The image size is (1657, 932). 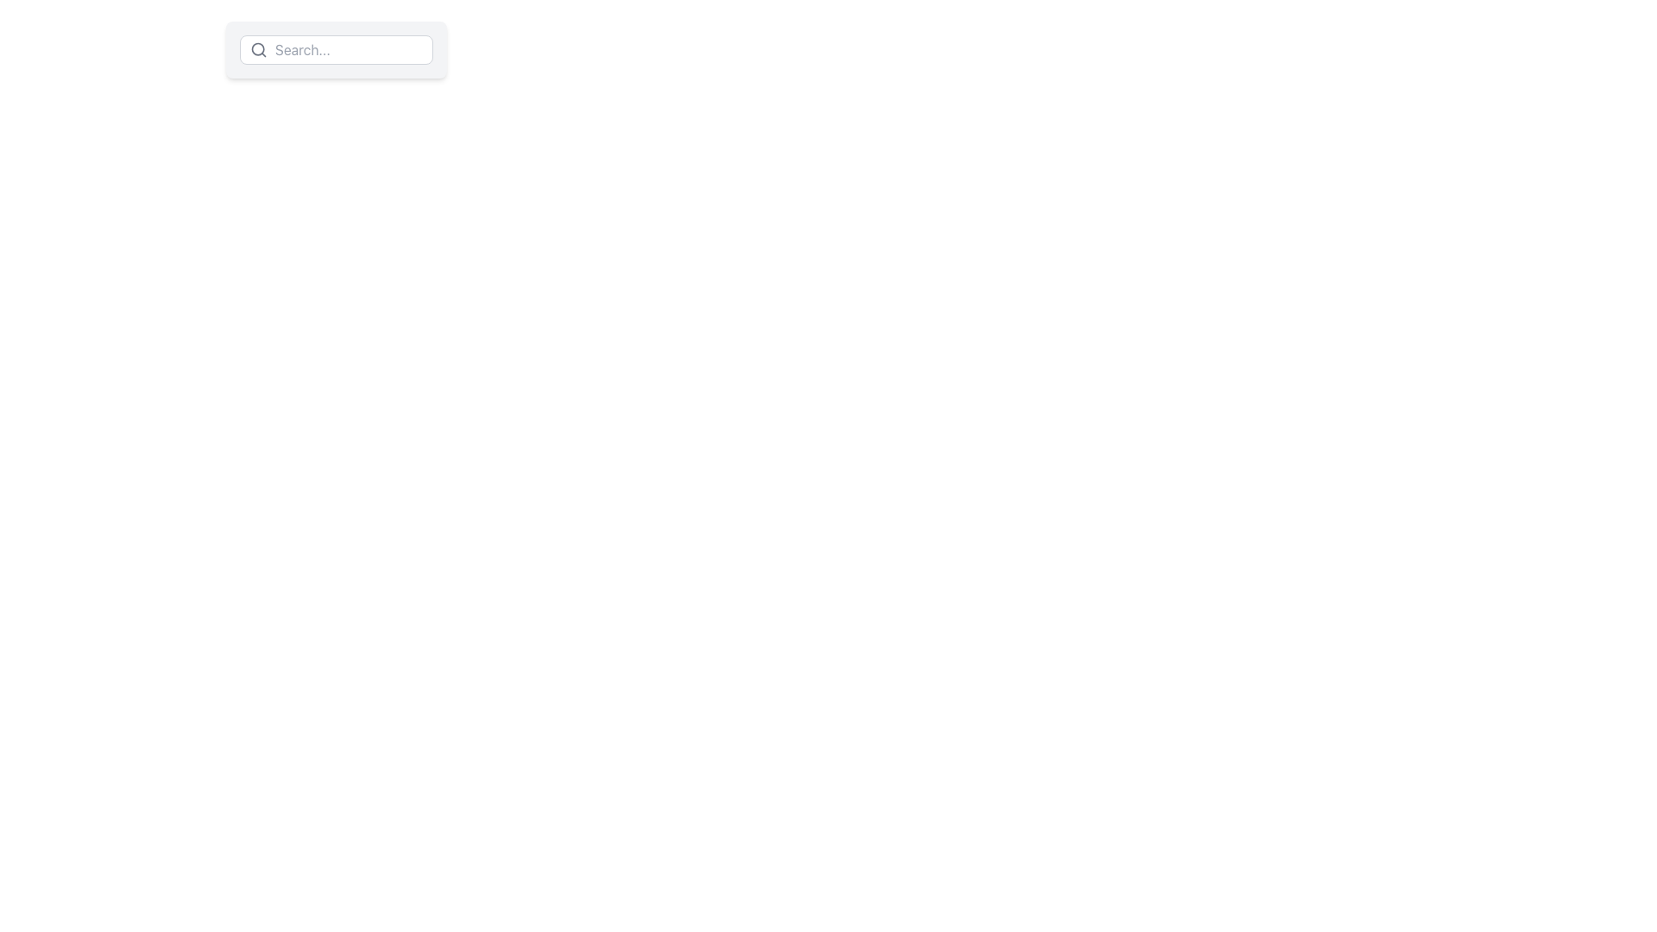 I want to click on the magnifying glass icon located inside the search input box, so click(x=257, y=48).